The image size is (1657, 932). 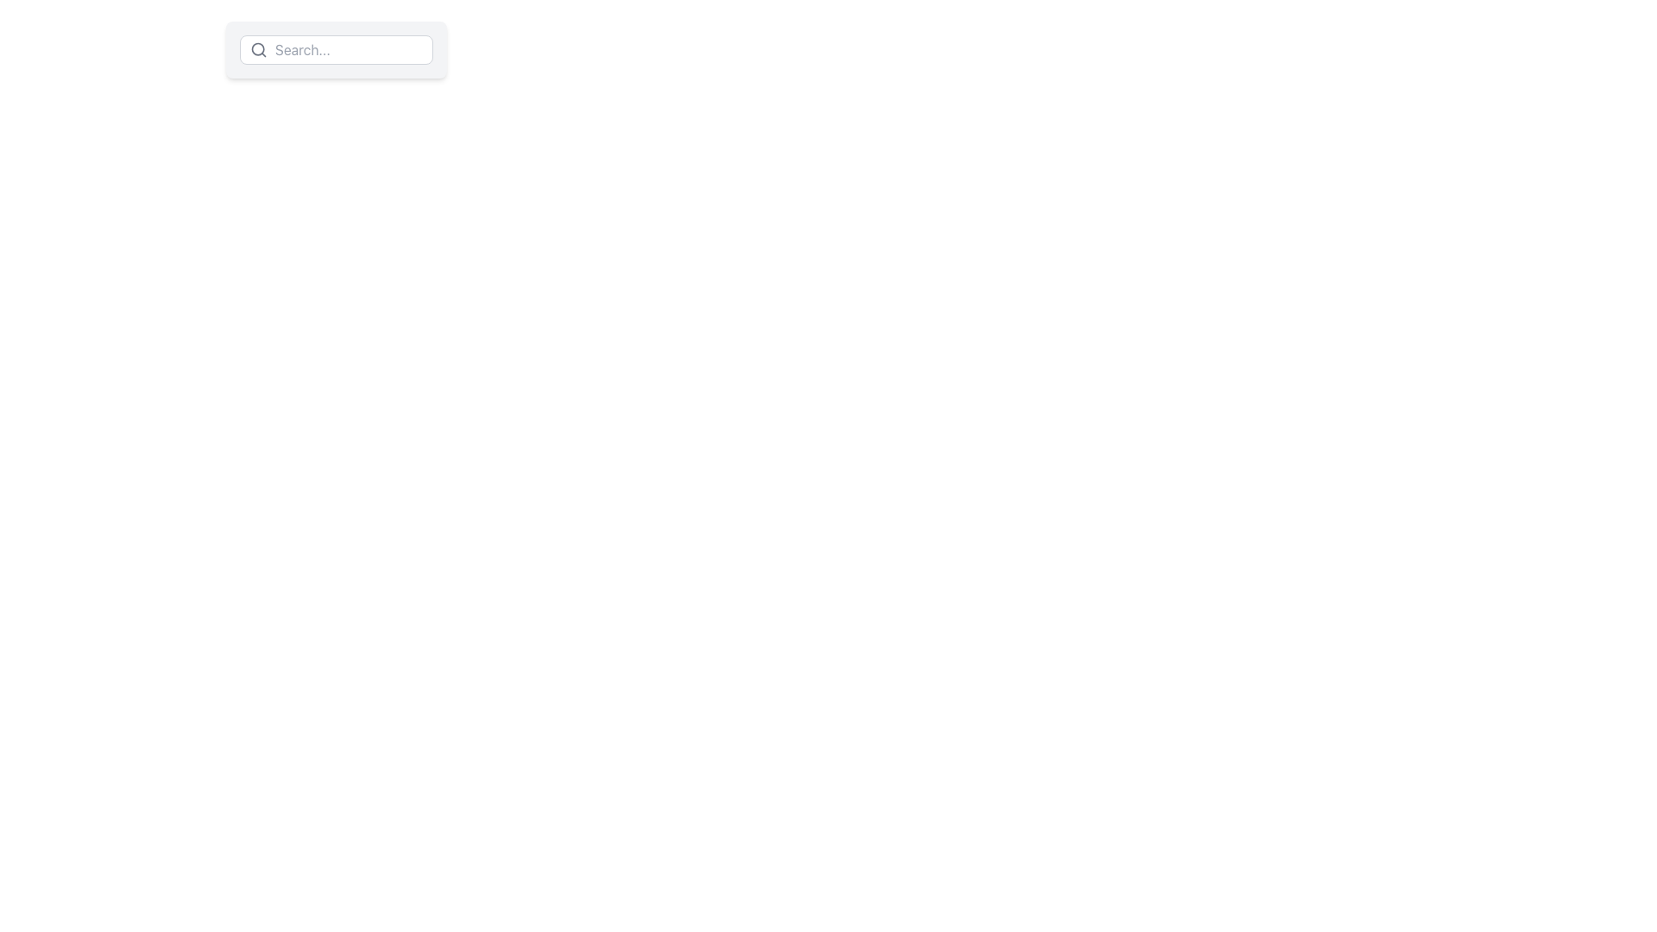 I want to click on the magnifying glass icon located inside the search input box, so click(x=257, y=48).